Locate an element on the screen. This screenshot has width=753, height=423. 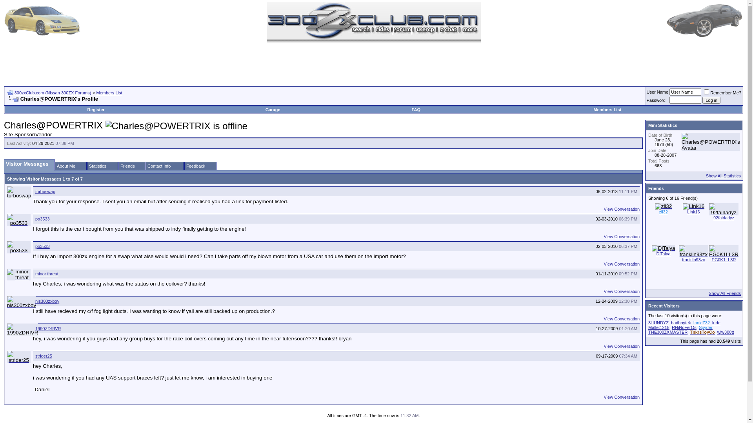
'nis300zxboy' is located at coordinates (21, 302).